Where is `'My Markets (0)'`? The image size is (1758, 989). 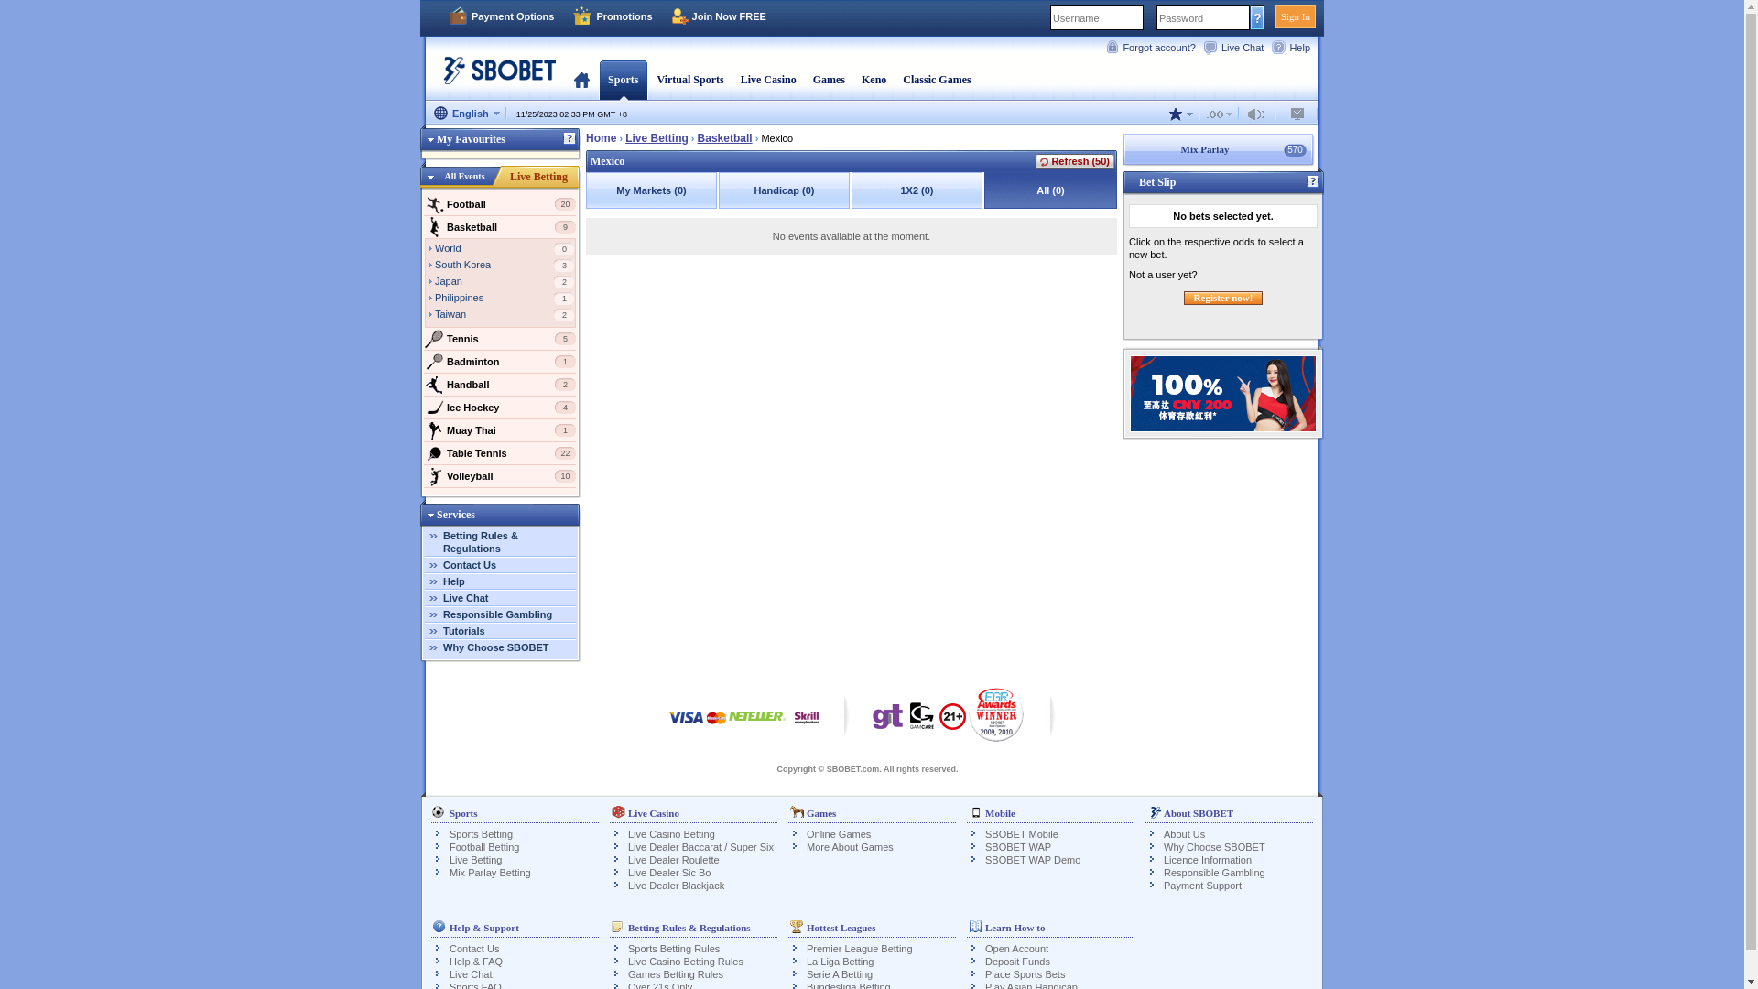
'My Markets (0)' is located at coordinates (651, 190).